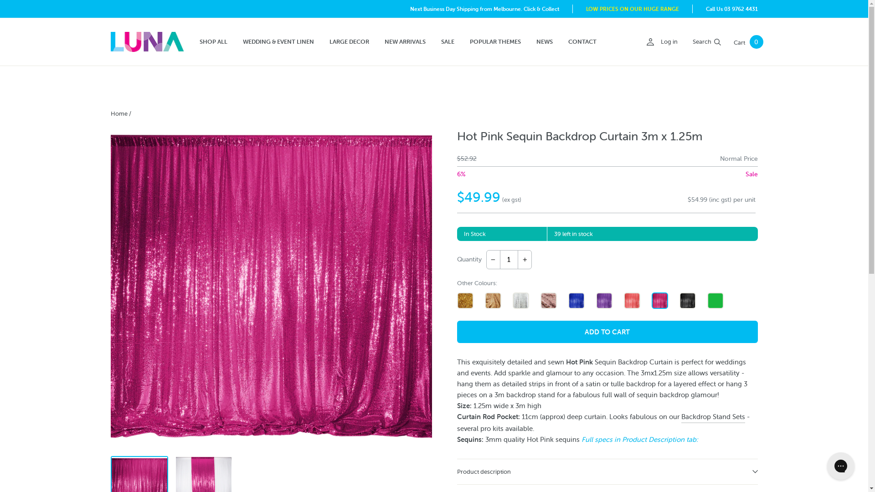 The height and width of the screenshot is (492, 875). What do you see at coordinates (447, 42) in the screenshot?
I see `'SALE'` at bounding box center [447, 42].